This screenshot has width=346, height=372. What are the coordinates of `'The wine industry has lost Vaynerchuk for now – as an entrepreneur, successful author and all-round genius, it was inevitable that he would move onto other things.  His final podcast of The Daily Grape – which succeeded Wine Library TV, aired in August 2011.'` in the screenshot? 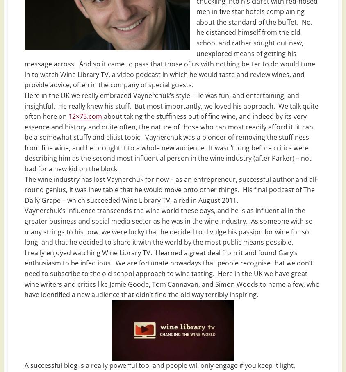 It's located at (171, 189).